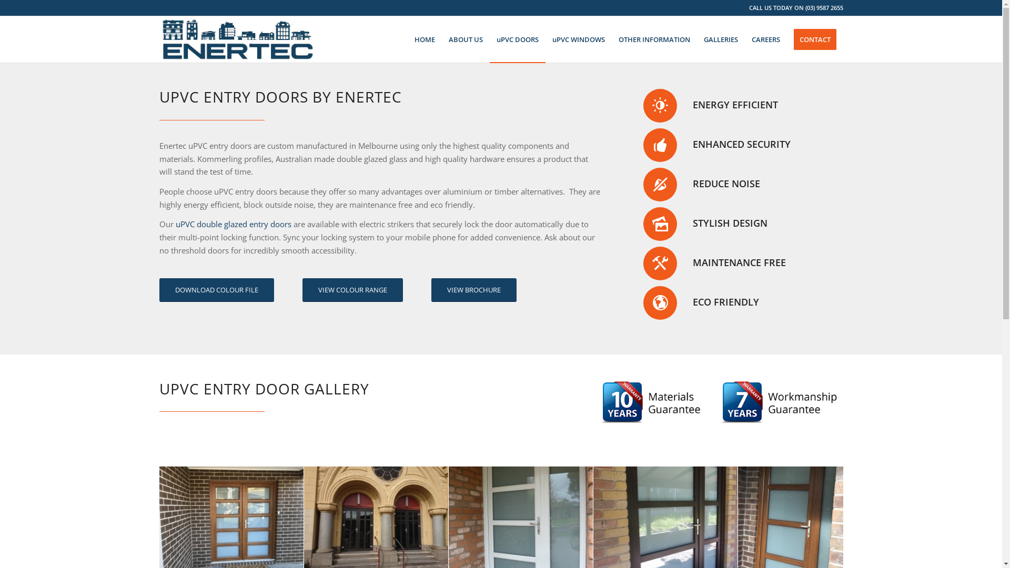 Image resolution: width=1010 pixels, height=568 pixels. I want to click on 'CAREERS', so click(765, 38).